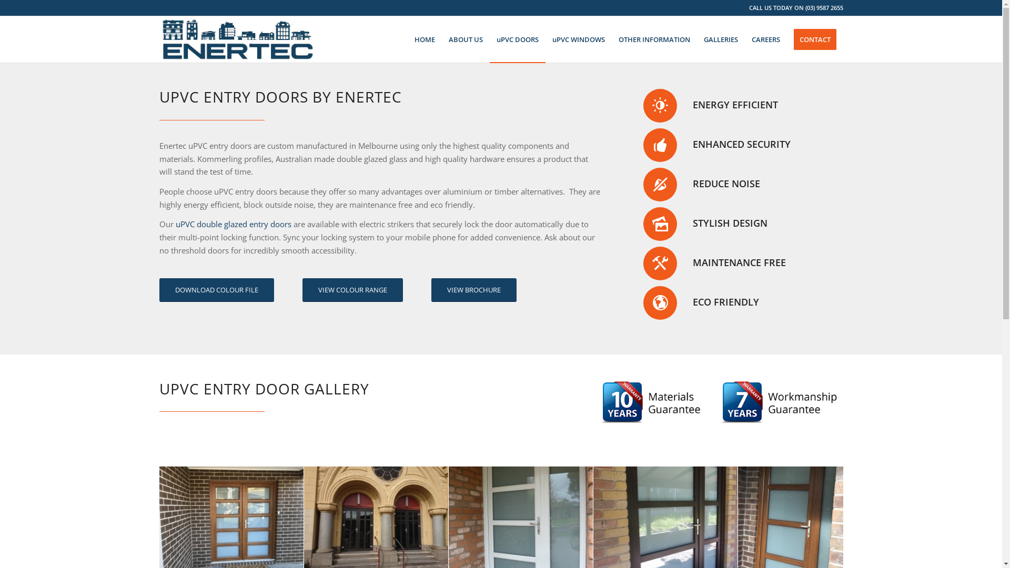 Image resolution: width=1010 pixels, height=568 pixels. I want to click on 'CAREERS', so click(765, 38).